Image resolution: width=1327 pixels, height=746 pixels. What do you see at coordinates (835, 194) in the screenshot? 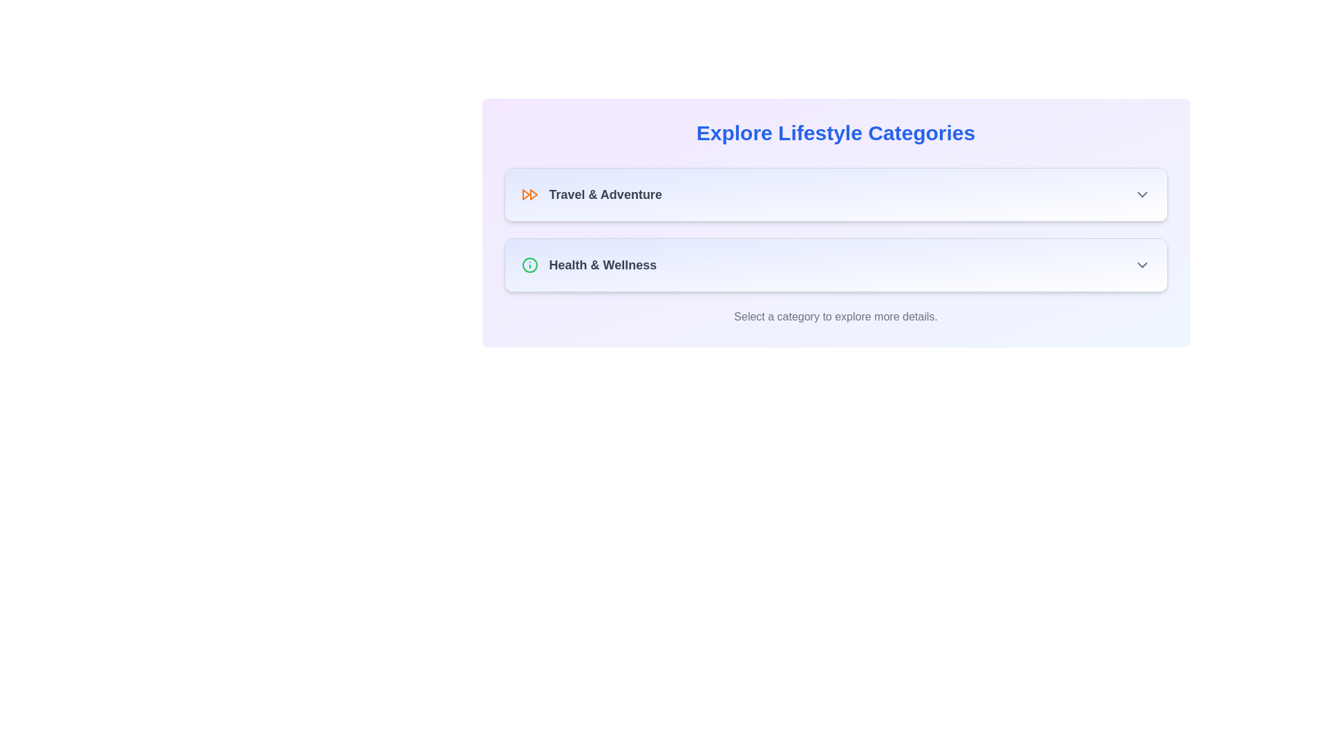
I see `the interactive button labeled 'Travel & Adventure'` at bounding box center [835, 194].